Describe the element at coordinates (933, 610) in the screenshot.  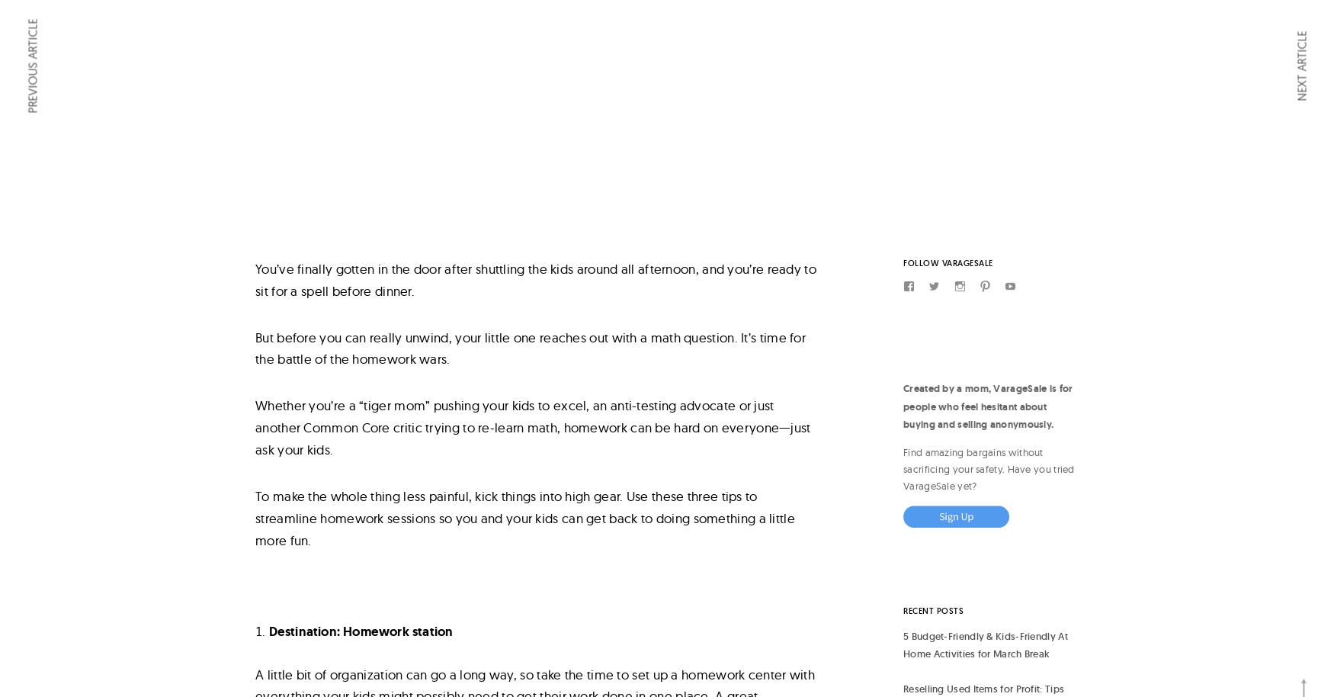
I see `'Recent Posts'` at that location.